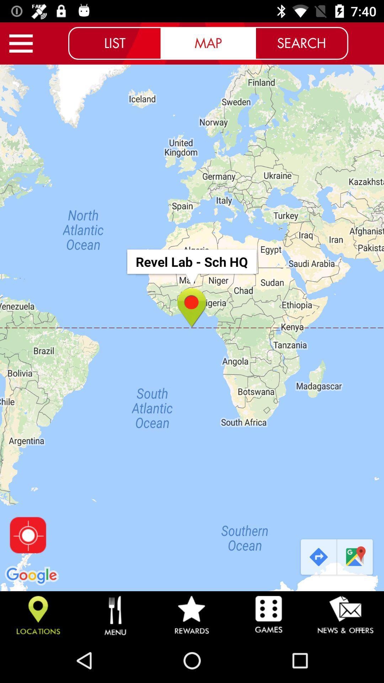  I want to click on icon below search icon, so click(356, 557).